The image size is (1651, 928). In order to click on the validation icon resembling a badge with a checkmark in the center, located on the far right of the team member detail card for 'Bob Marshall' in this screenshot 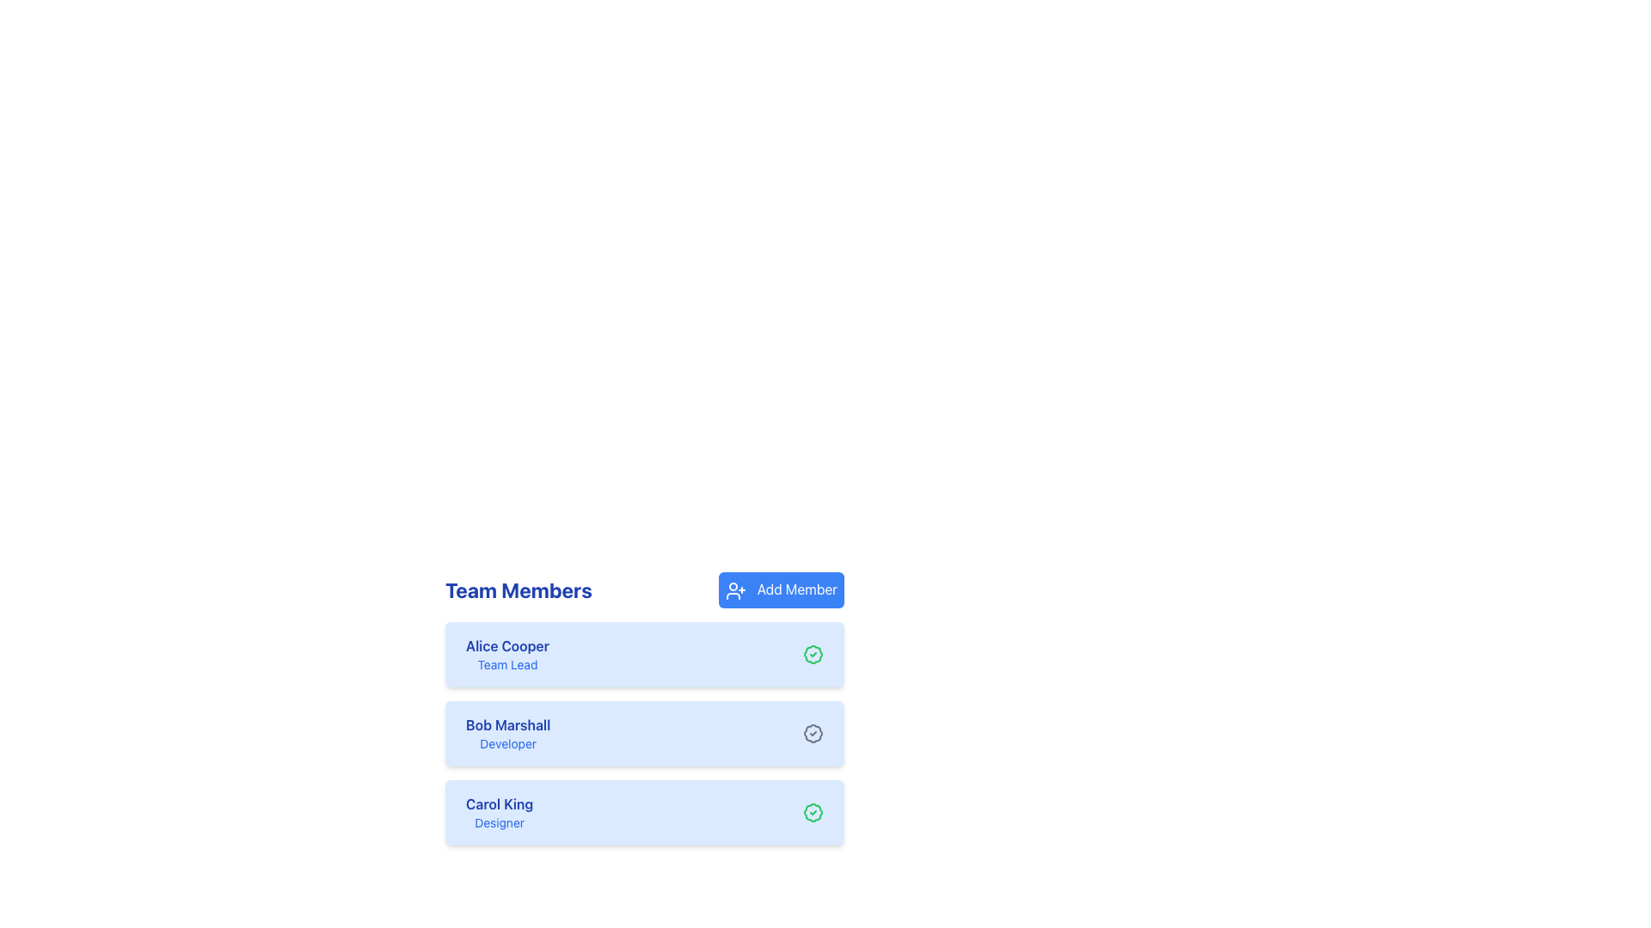, I will do `click(812, 732)`.